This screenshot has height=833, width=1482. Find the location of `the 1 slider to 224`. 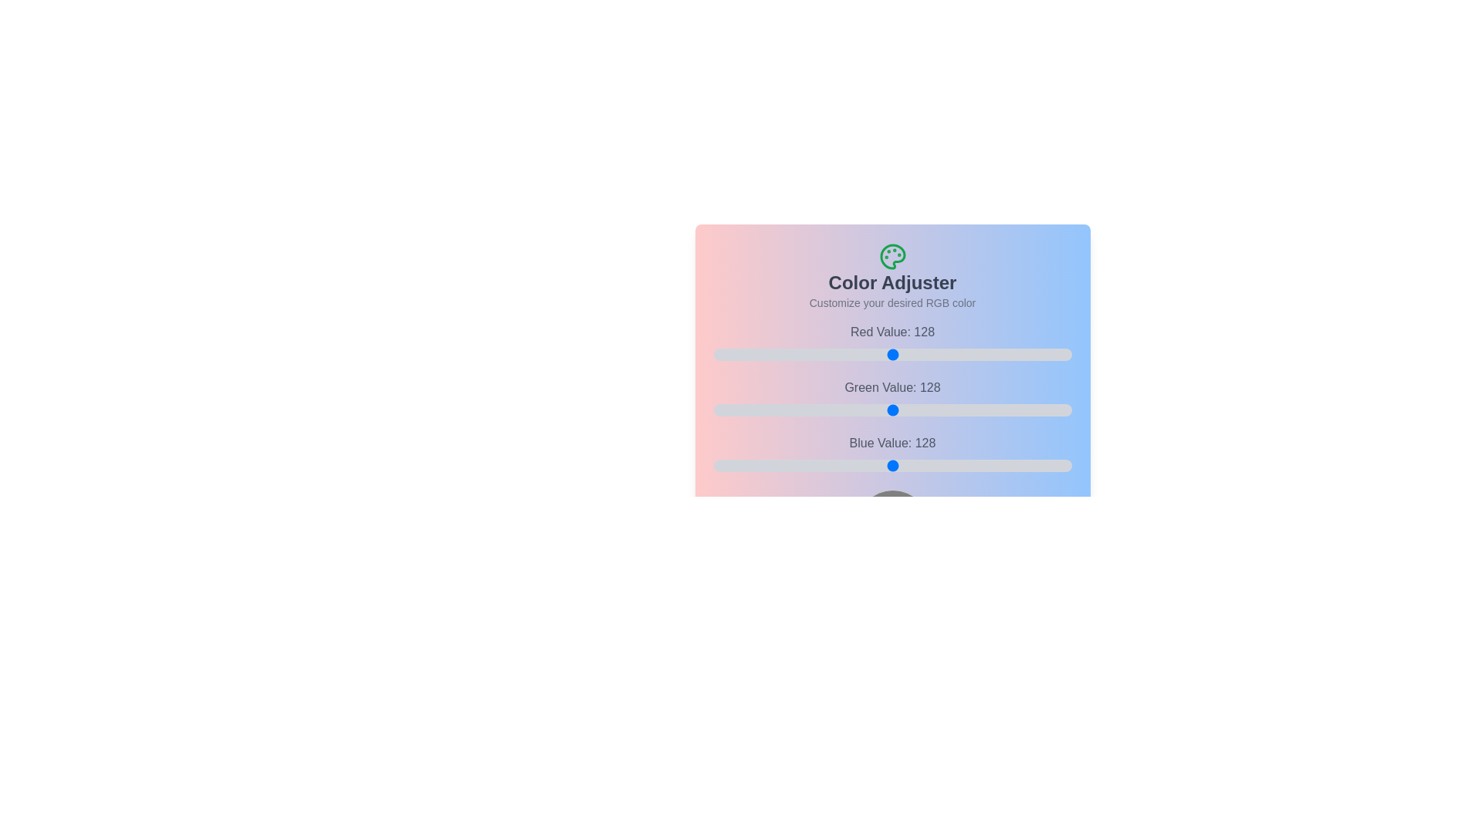

the 1 slider to 224 is located at coordinates (1050, 410).